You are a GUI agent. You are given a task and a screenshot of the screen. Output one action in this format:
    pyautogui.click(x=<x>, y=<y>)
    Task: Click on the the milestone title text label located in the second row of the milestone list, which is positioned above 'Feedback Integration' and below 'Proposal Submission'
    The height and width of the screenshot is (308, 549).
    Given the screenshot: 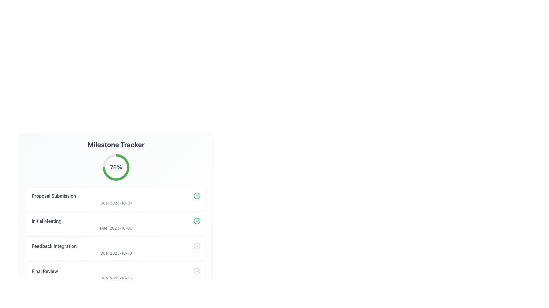 What is the action you would take?
    pyautogui.click(x=47, y=221)
    